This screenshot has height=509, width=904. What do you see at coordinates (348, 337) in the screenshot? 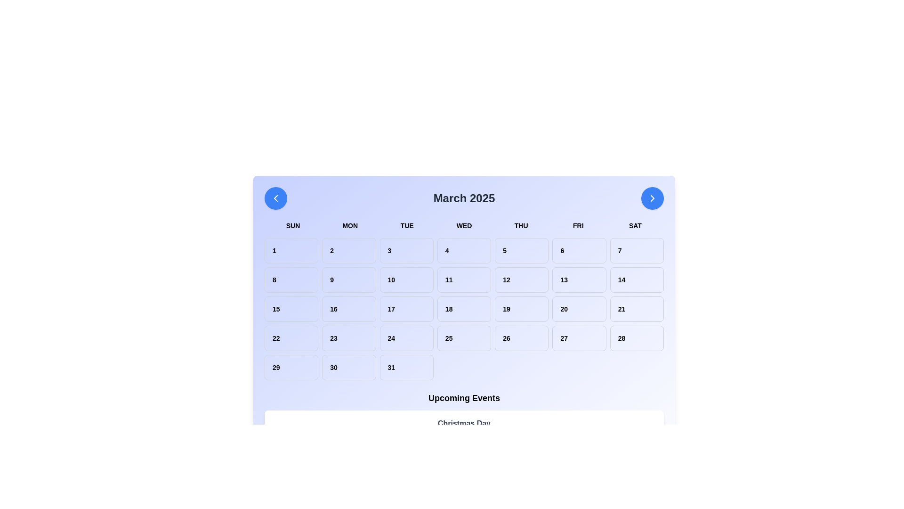
I see `the selectable day button for the 23rd day of the month located in the calendar grid under 'MON'` at bounding box center [348, 337].